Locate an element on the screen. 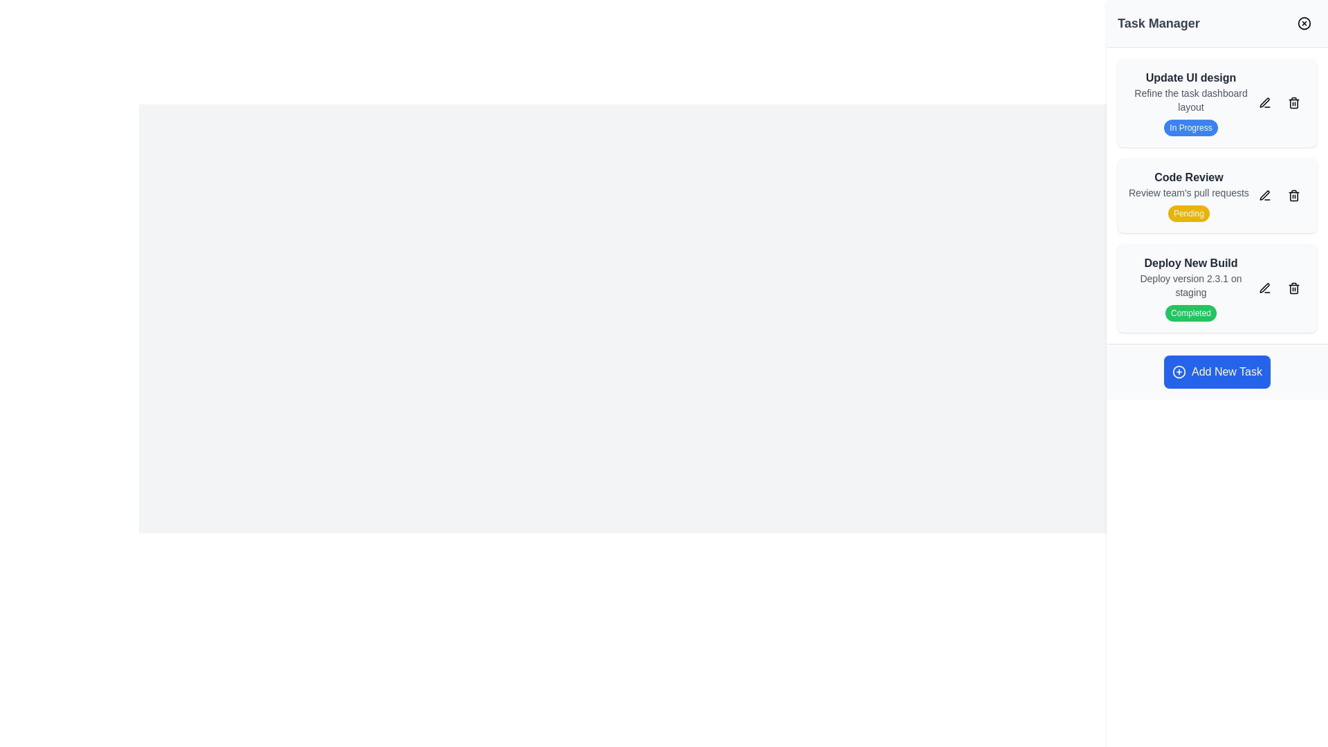  the text element that describes the deployment action for version 2.3.1, located in the 'Deploy New Build' group within the Task Manager sidebar is located at coordinates (1190, 284).